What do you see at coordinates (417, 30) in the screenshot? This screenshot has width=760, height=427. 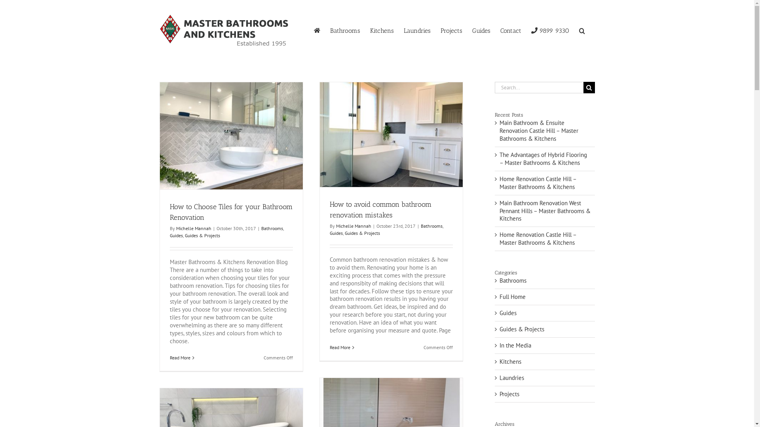 I see `'Laundries'` at bounding box center [417, 30].